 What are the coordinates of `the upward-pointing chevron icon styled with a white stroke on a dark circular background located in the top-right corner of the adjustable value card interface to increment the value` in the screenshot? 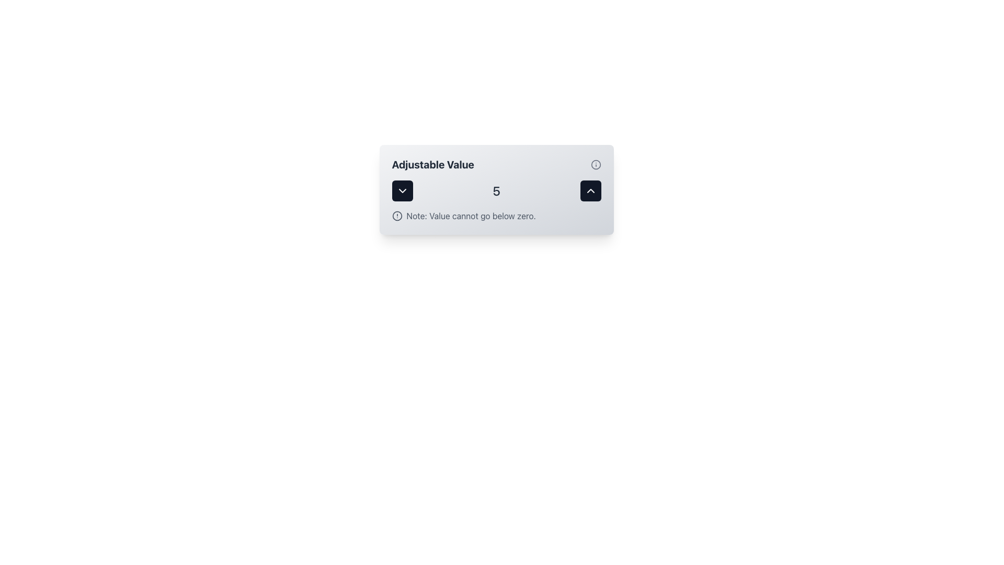 It's located at (590, 191).